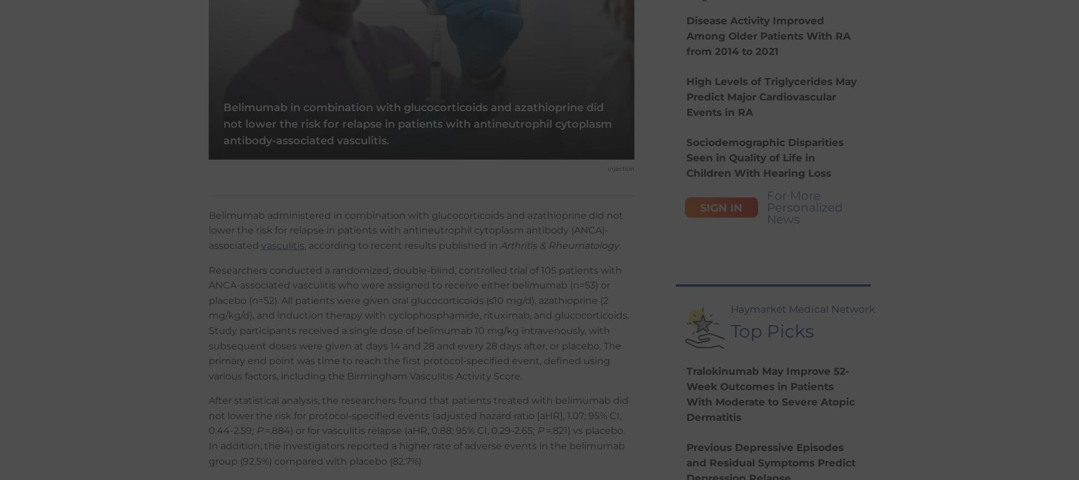 Image resolution: width=1079 pixels, height=480 pixels. What do you see at coordinates (260, 245) in the screenshot?
I see `'vasculitis'` at bounding box center [260, 245].